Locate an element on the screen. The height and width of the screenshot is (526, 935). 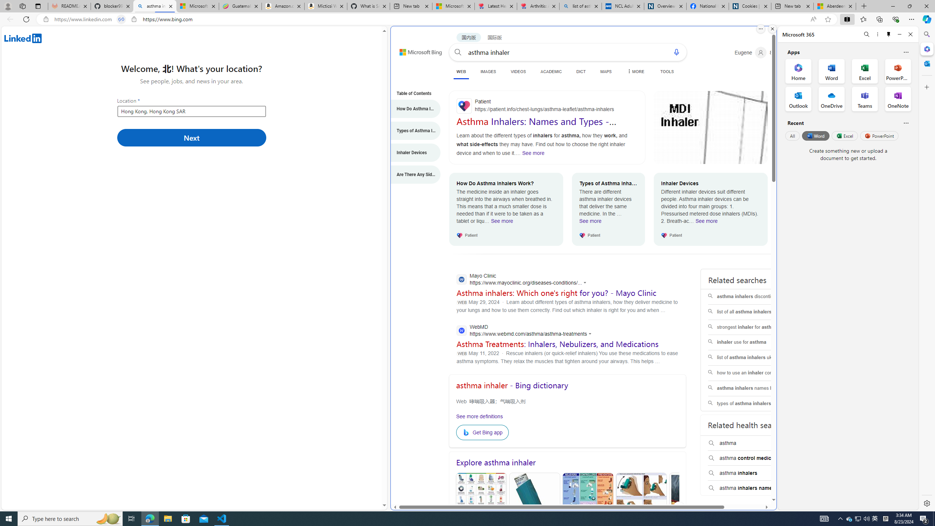
'Tabs in split screen' is located at coordinates (121, 19).